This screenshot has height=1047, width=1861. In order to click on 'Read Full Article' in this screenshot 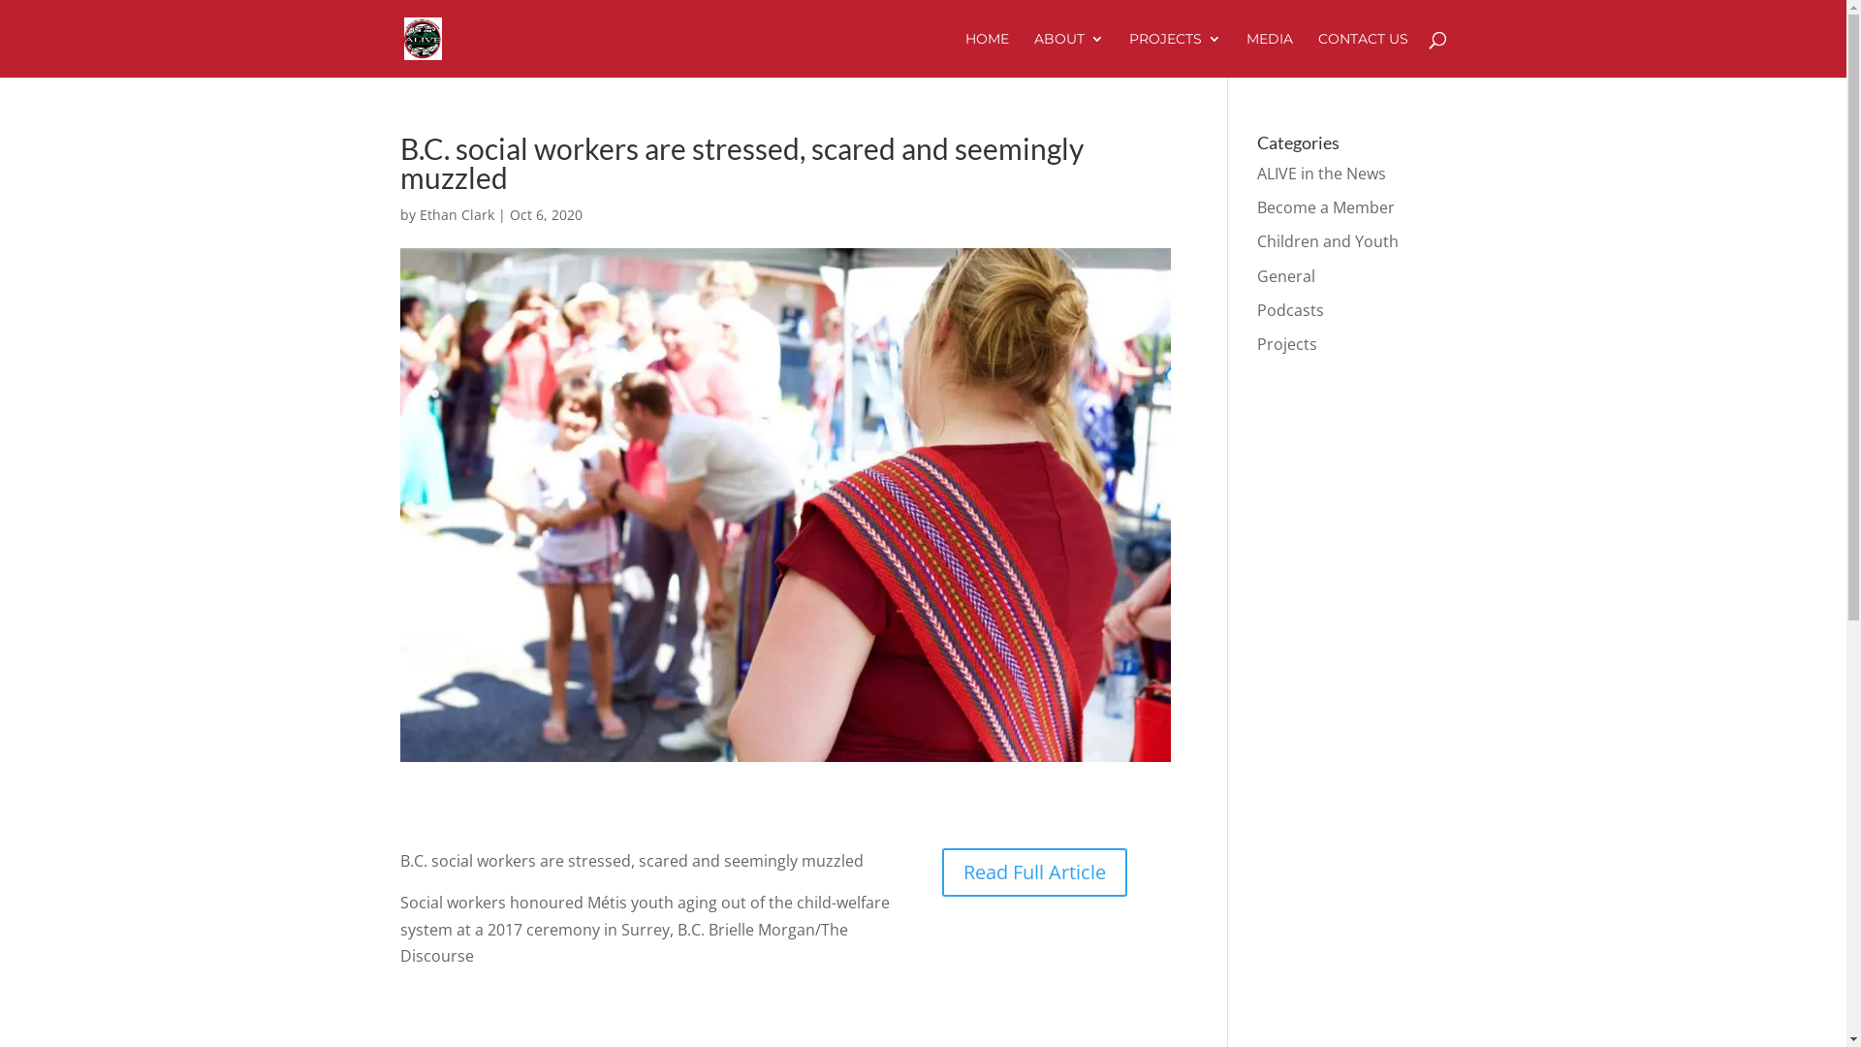, I will do `click(941, 871)`.